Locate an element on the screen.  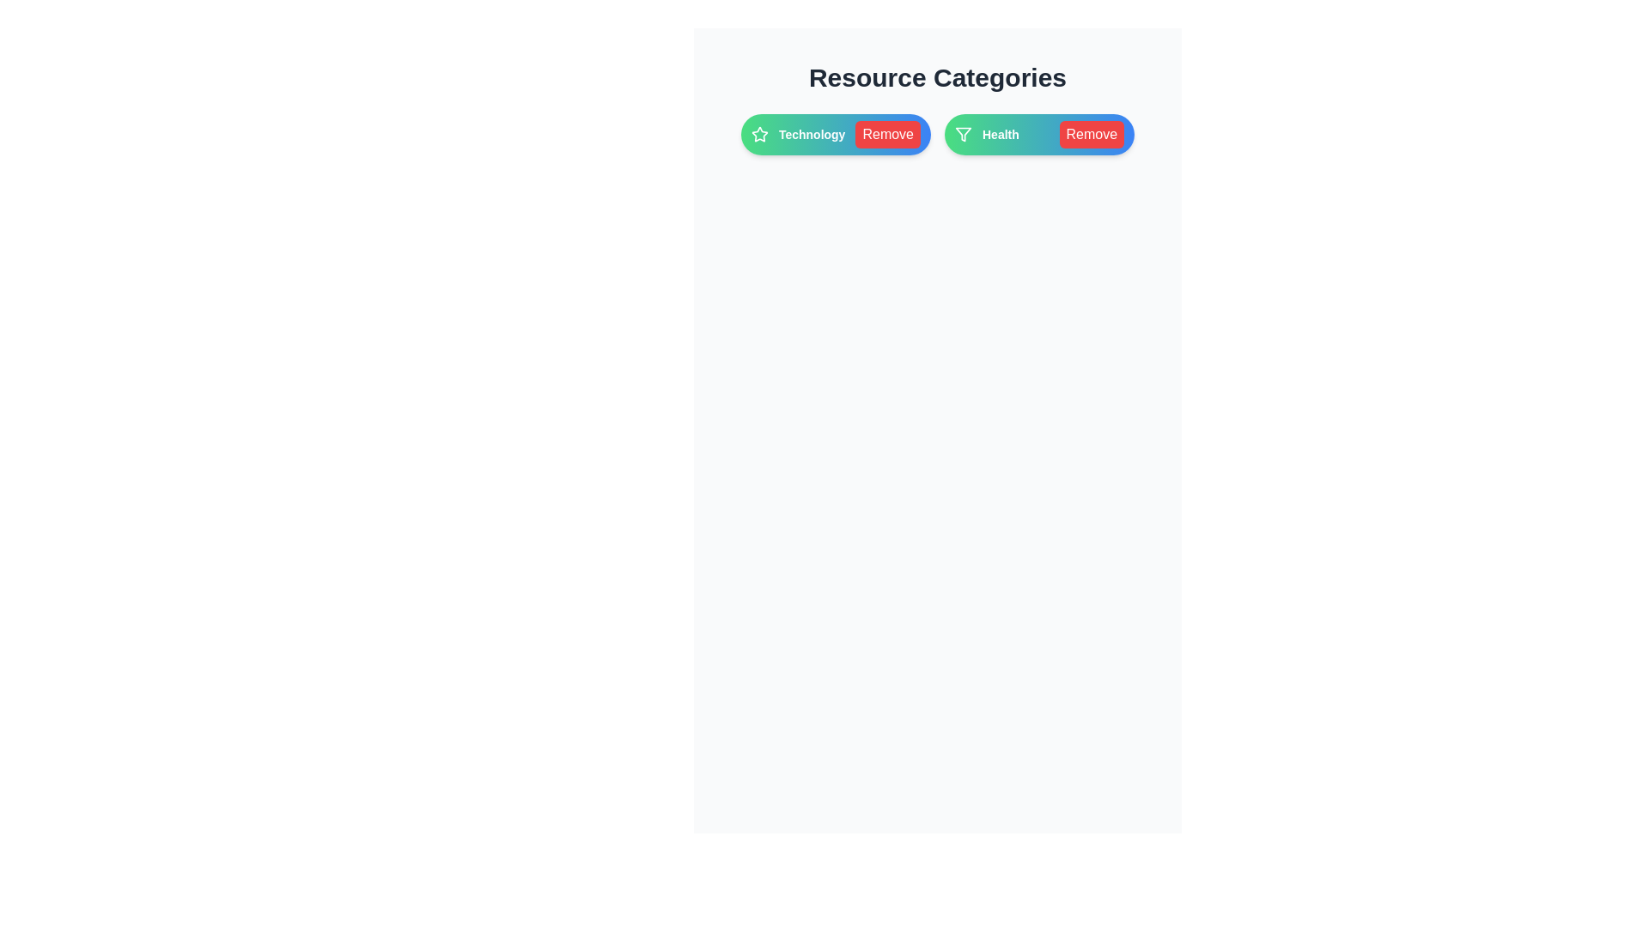
the category chip labeled Technology is located at coordinates (836, 134).